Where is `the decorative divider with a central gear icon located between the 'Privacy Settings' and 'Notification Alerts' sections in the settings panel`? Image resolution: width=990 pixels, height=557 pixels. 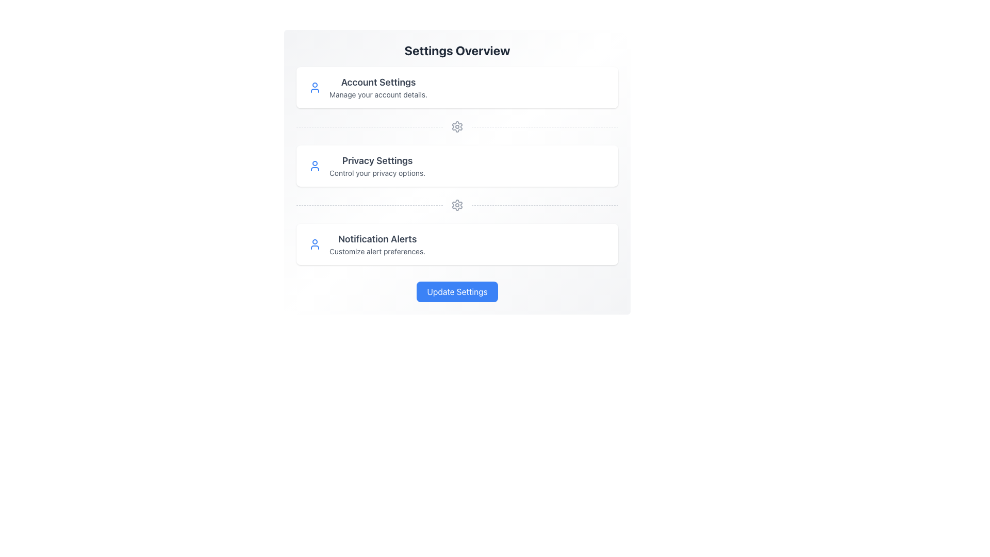
the decorative divider with a central gear icon located between the 'Privacy Settings' and 'Notification Alerts' sections in the settings panel is located at coordinates (457, 205).